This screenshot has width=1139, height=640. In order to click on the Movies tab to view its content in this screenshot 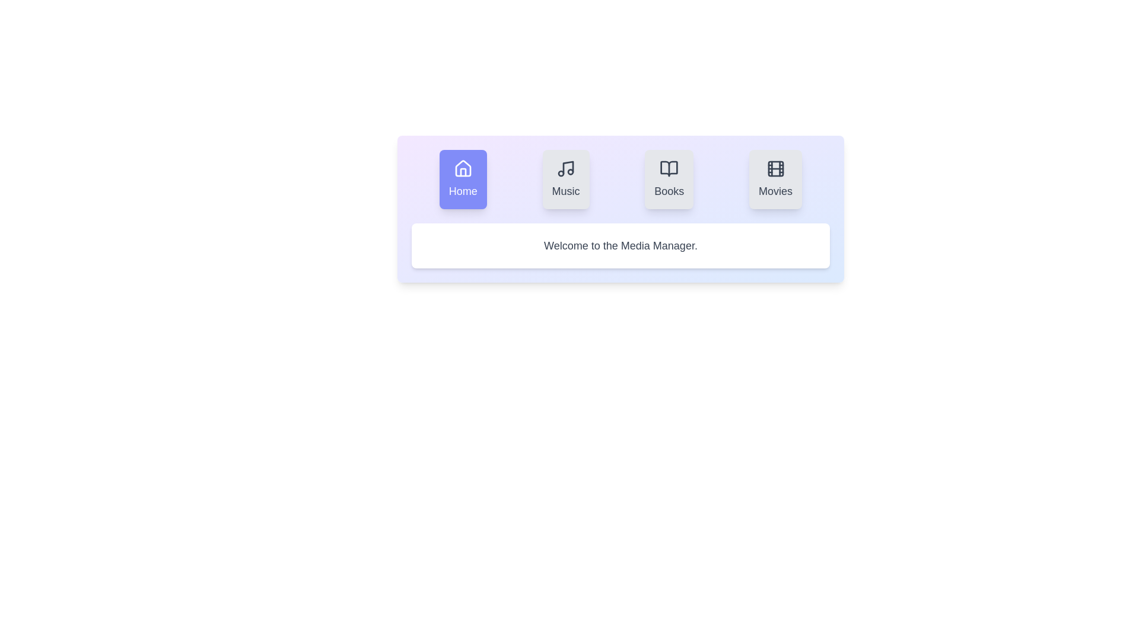, I will do `click(775, 180)`.